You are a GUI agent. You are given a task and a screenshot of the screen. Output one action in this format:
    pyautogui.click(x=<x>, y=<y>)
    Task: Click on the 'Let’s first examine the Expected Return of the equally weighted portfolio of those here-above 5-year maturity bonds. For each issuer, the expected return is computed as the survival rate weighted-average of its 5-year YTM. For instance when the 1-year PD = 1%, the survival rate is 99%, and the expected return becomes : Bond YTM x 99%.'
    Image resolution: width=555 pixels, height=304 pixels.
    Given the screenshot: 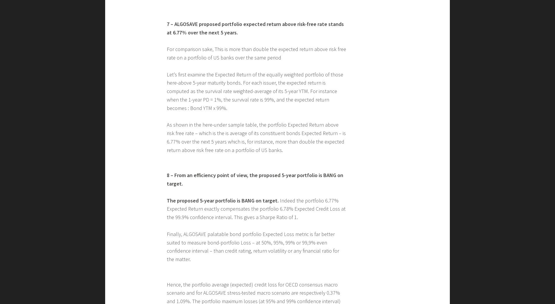 What is the action you would take?
    pyautogui.click(x=255, y=188)
    